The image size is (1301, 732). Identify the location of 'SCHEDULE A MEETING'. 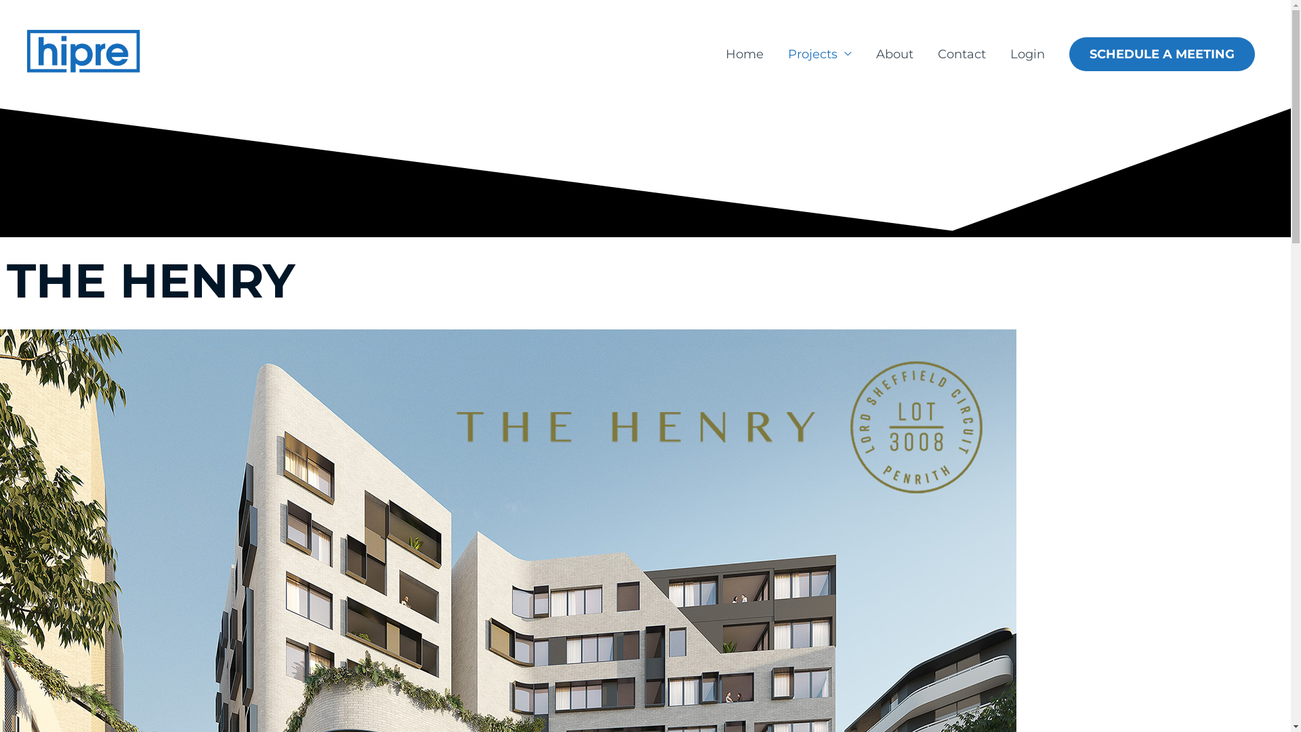
(1161, 54).